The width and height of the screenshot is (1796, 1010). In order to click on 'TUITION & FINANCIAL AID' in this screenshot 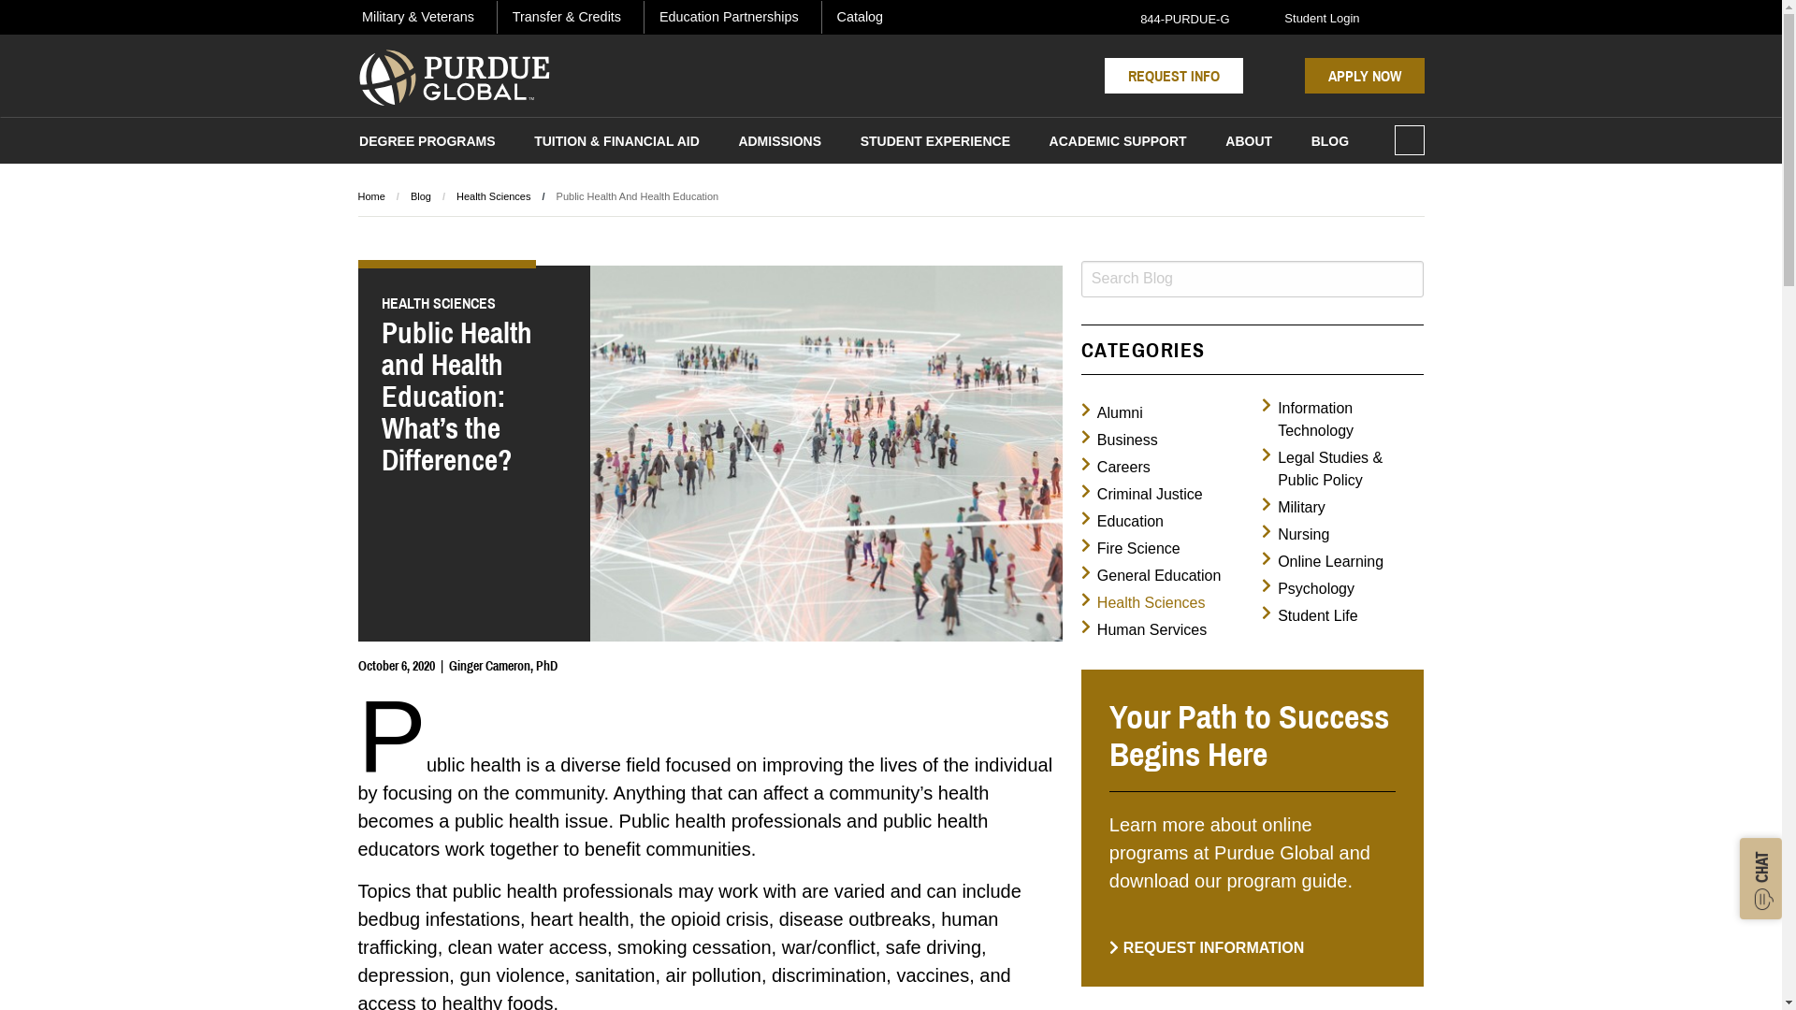, I will do `click(617, 143)`.